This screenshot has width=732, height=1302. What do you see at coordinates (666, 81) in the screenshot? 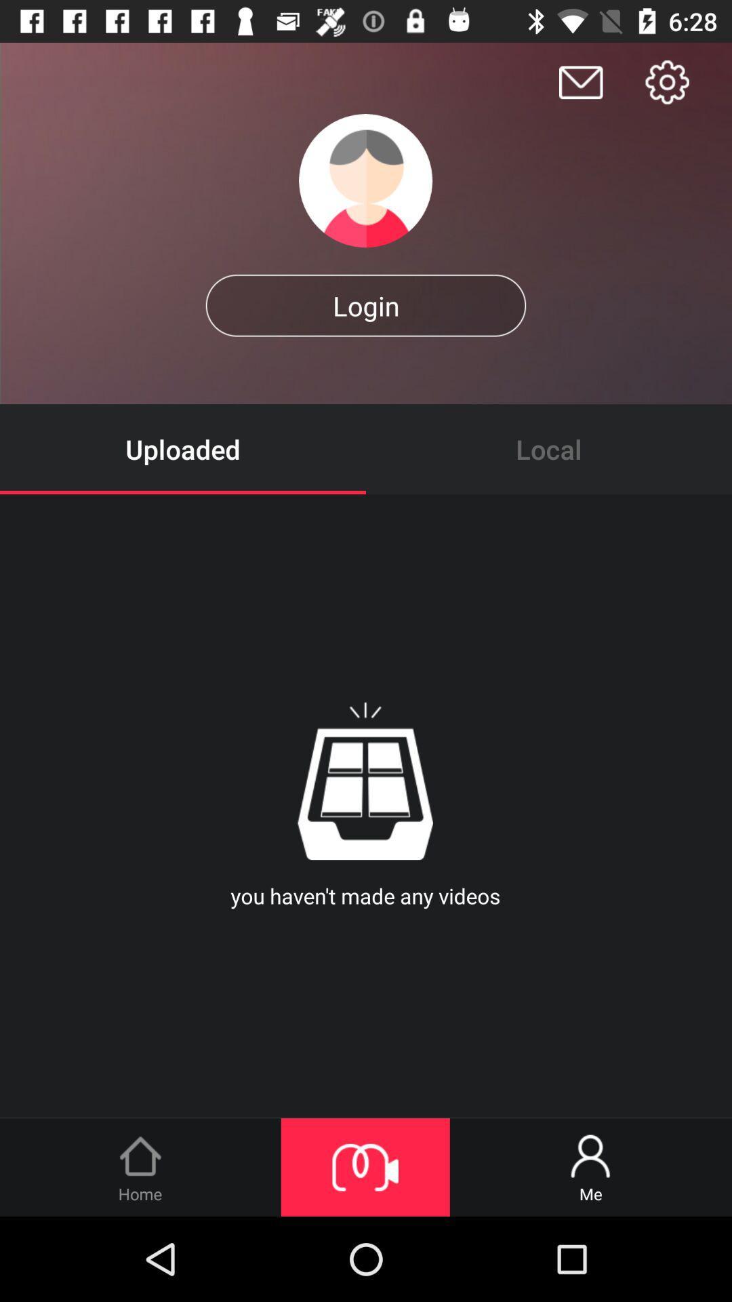
I see `settings for app` at bounding box center [666, 81].